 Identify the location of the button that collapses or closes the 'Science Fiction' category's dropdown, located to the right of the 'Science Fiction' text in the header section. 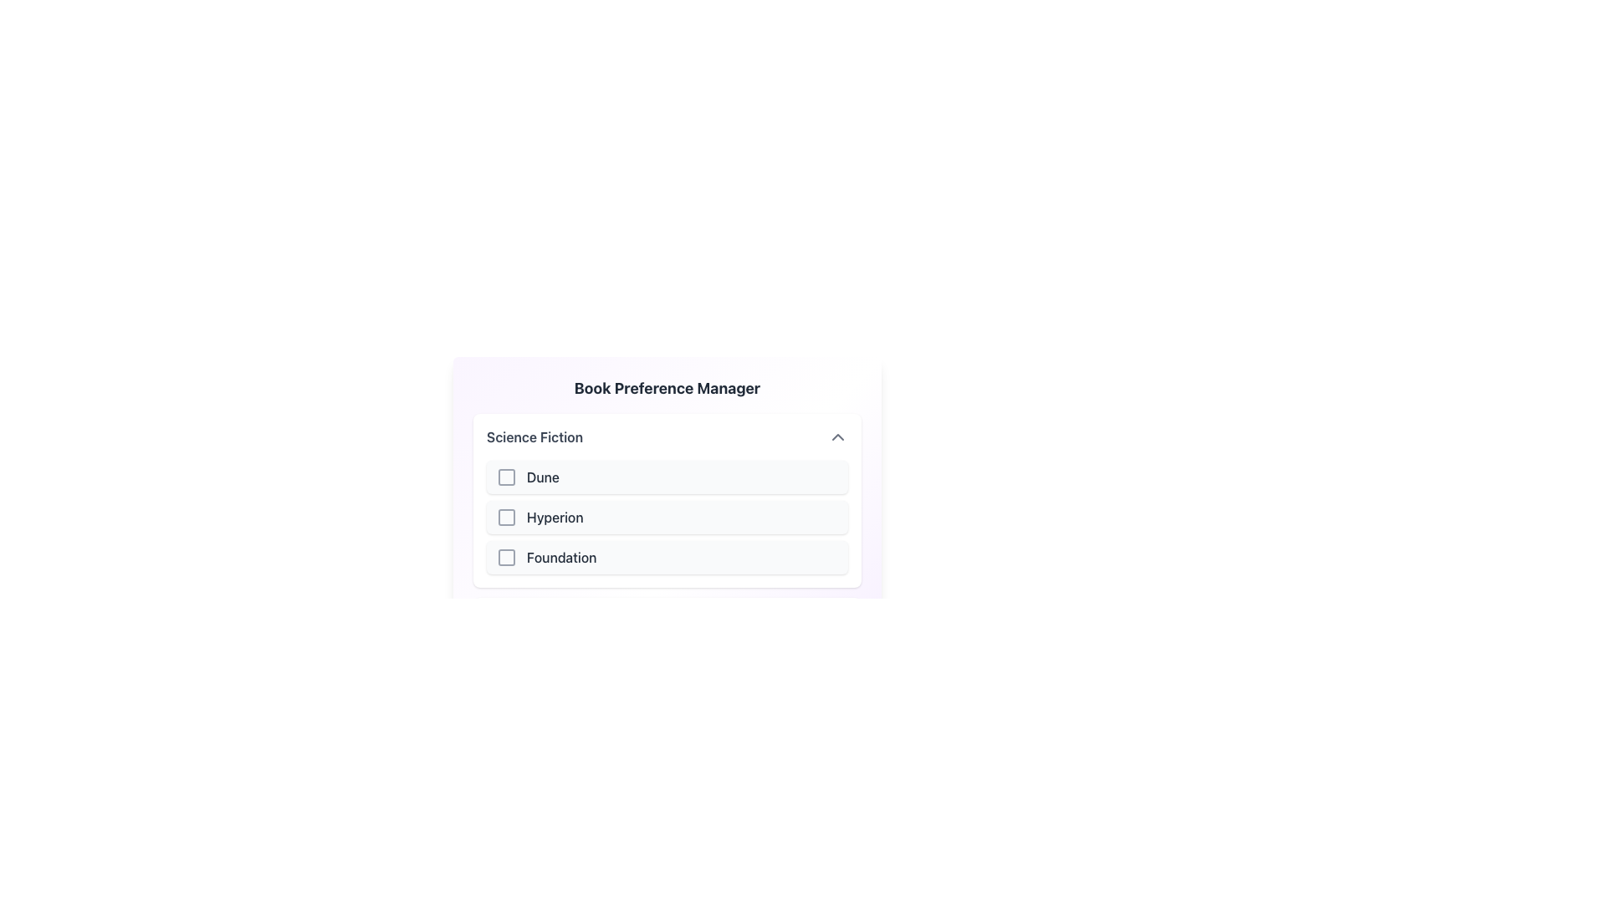
(838, 436).